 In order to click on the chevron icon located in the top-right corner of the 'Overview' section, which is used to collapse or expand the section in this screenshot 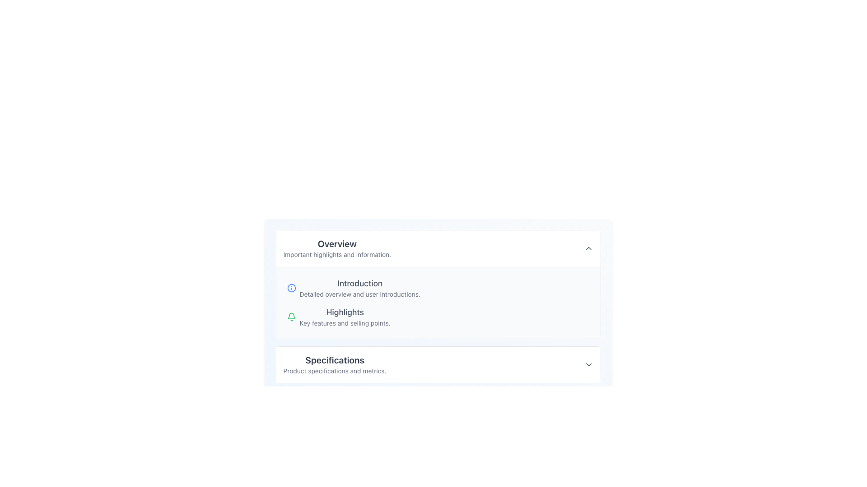, I will do `click(588, 248)`.